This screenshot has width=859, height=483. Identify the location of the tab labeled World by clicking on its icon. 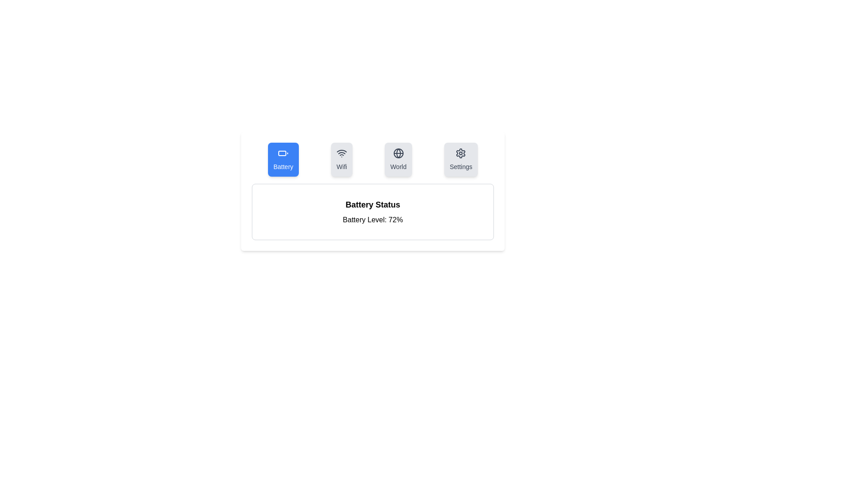
(398, 159).